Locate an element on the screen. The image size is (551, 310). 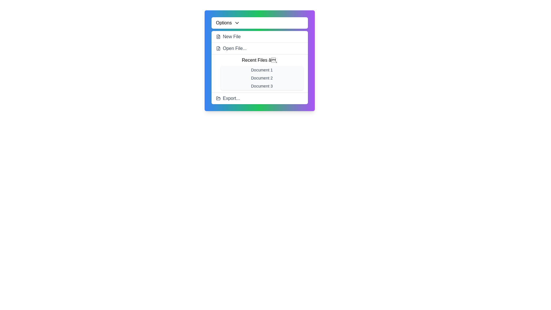
the interactive text label 'Recent Files ▾' is located at coordinates (259, 60).